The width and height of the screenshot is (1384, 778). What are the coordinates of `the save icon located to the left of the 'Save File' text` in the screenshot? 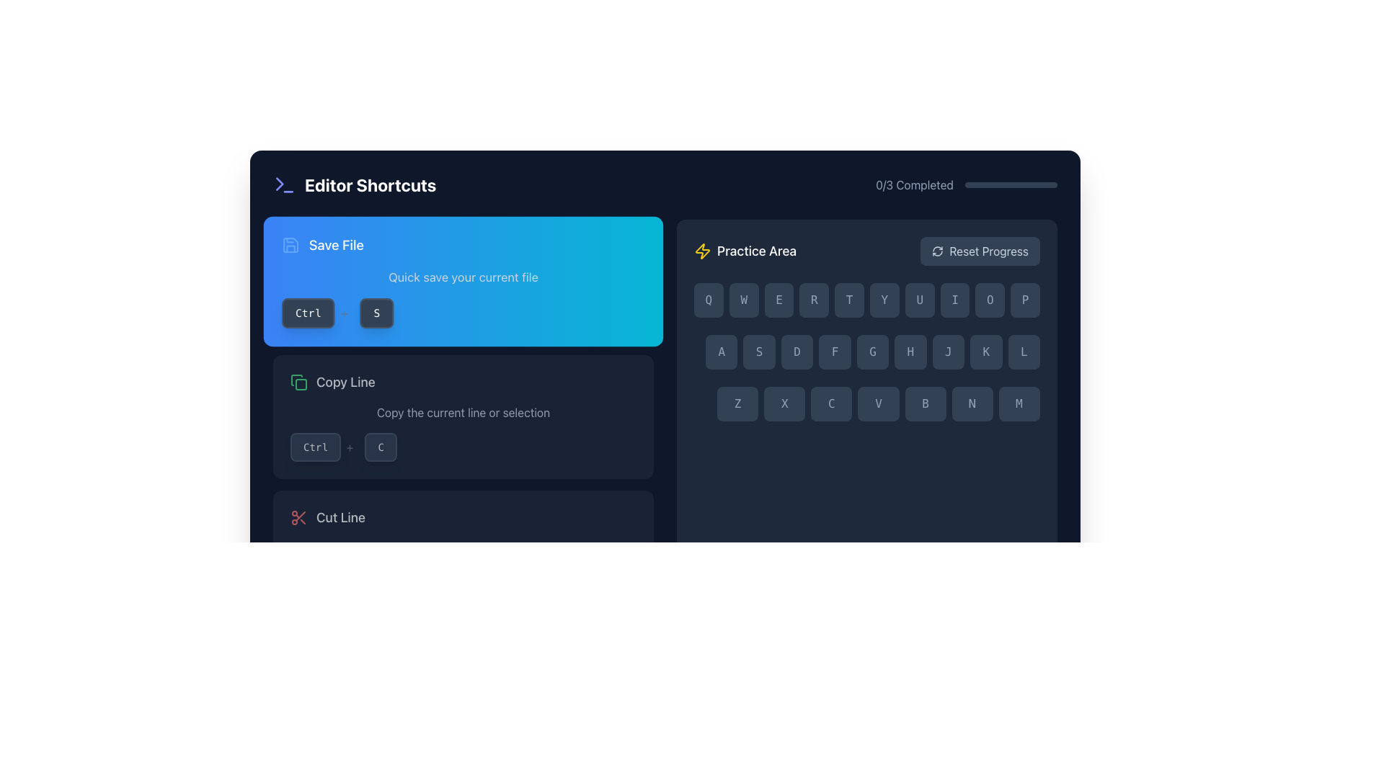 It's located at (290, 244).